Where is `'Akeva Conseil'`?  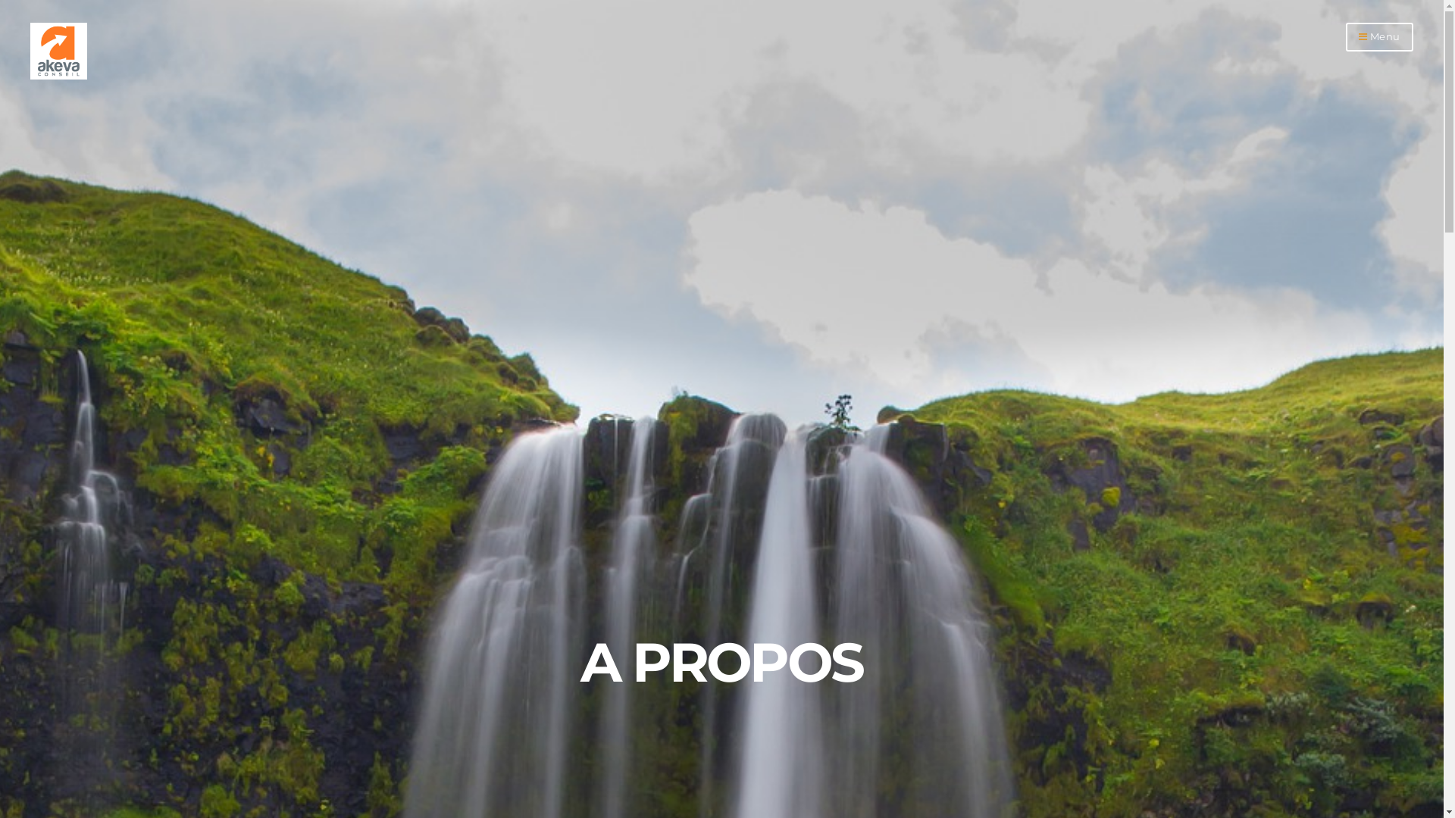
'Akeva Conseil' is located at coordinates (58, 76).